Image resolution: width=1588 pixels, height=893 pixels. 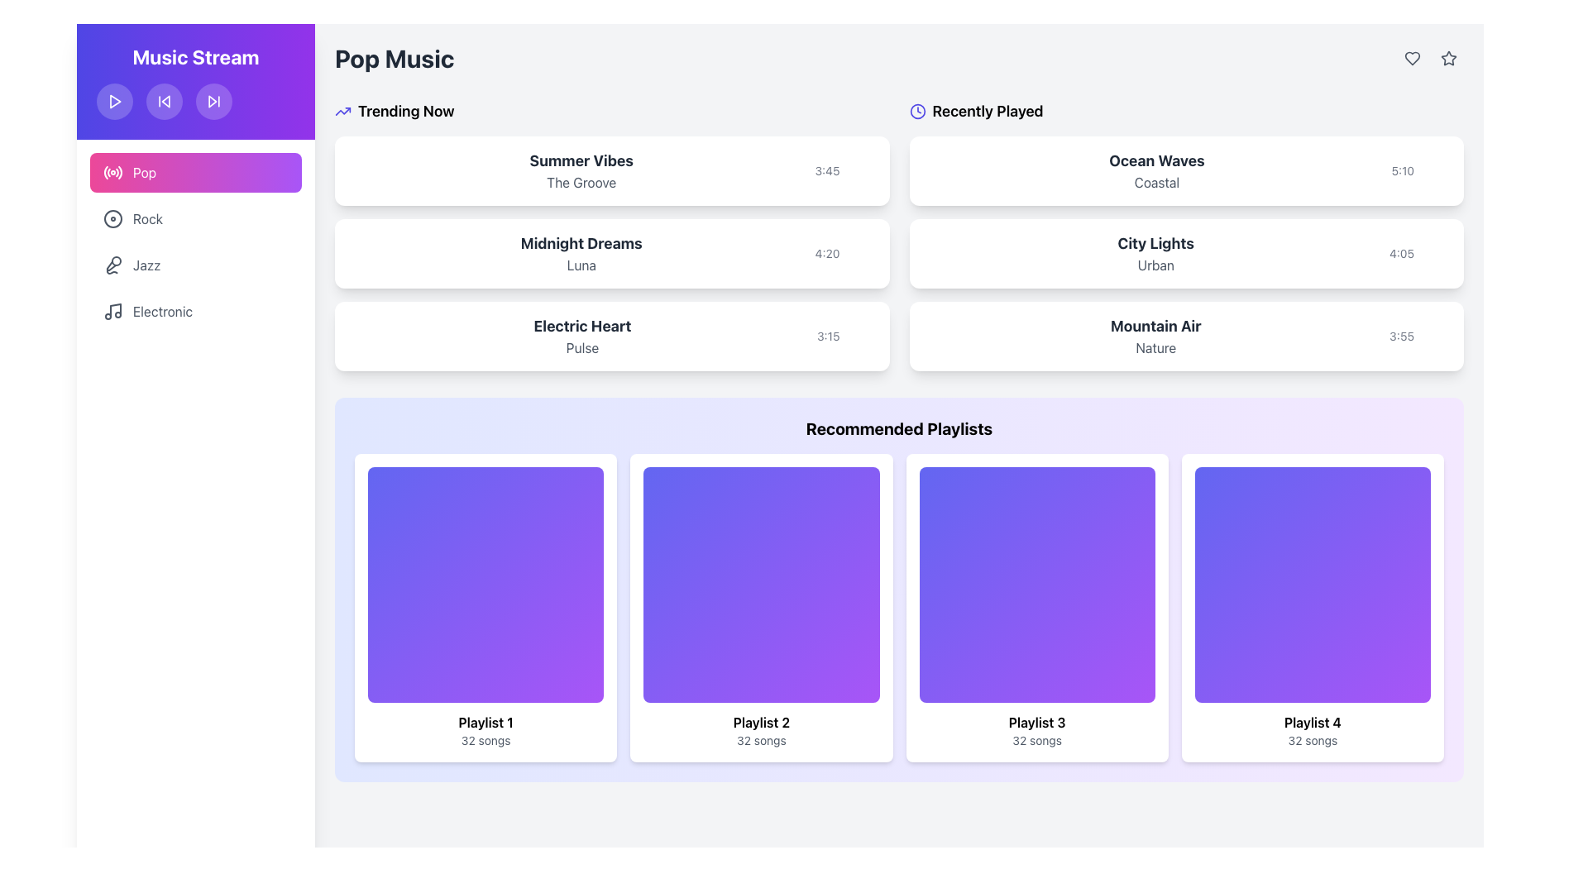 What do you see at coordinates (611, 336) in the screenshot?
I see `the third item` at bounding box center [611, 336].